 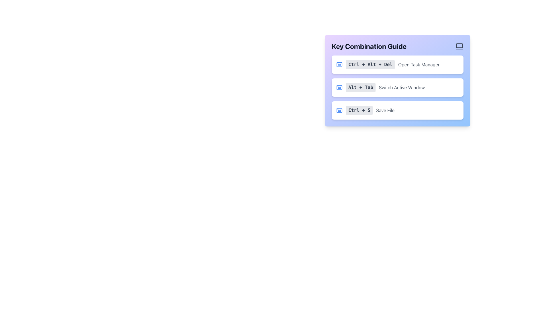 What do you see at coordinates (339, 64) in the screenshot?
I see `the rectangular base of the keyboard icon, which is styled with a rounded border and serves as the foundation for keyboard representation` at bounding box center [339, 64].